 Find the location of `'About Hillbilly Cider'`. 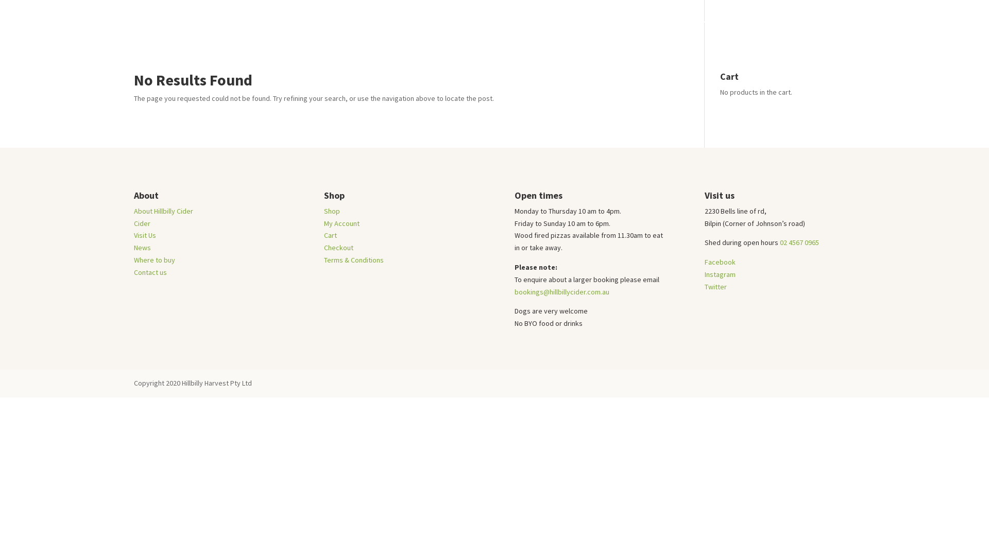

'About Hillbilly Cider' is located at coordinates (163, 210).